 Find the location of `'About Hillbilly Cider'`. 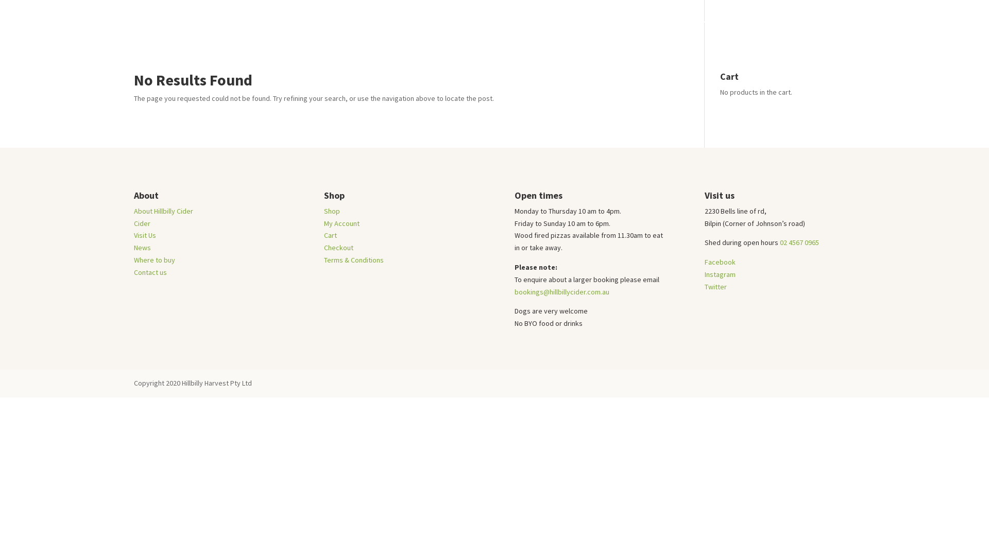

'About Hillbilly Cider' is located at coordinates (163, 210).